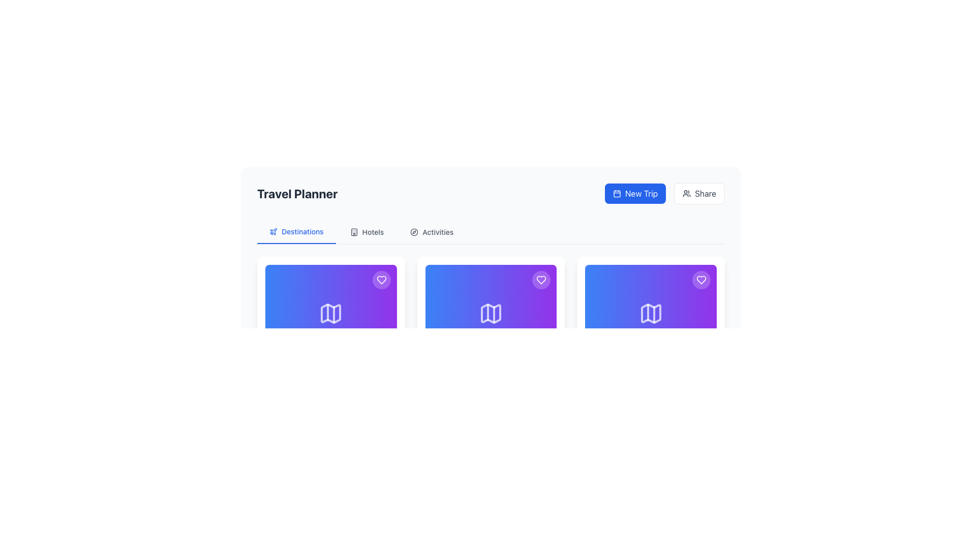 Image resolution: width=976 pixels, height=549 pixels. I want to click on the stylized map icon within the blue gradient card located, so click(331, 313).